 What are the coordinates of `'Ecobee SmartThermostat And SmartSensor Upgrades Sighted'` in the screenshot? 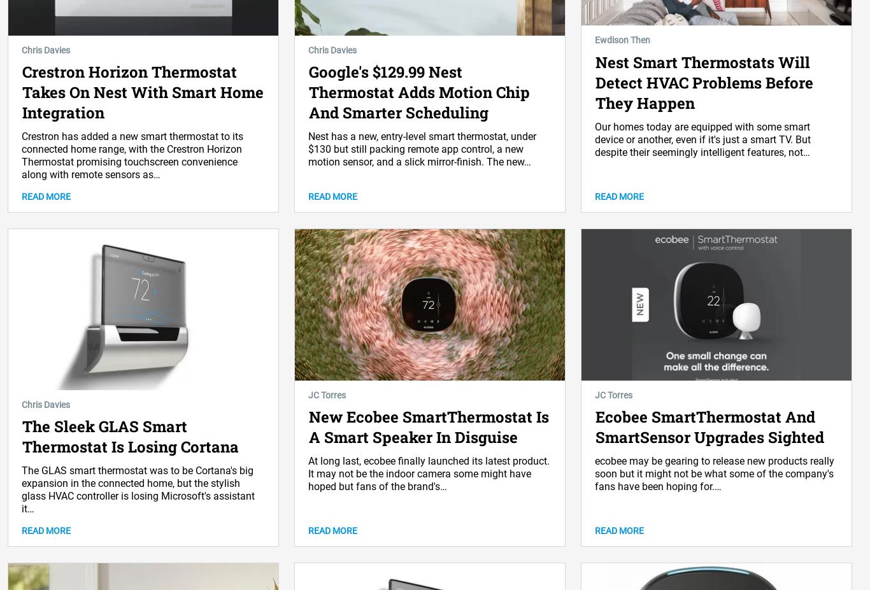 It's located at (709, 426).